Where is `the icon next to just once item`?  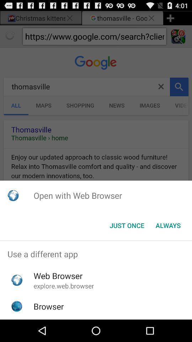 the icon next to just once item is located at coordinates (168, 225).